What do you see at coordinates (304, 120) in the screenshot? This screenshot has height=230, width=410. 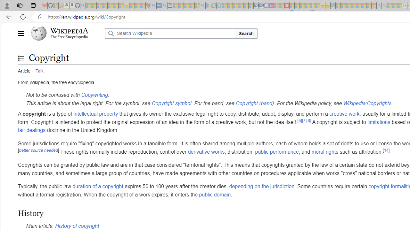 I see `'[7]'` at bounding box center [304, 120].